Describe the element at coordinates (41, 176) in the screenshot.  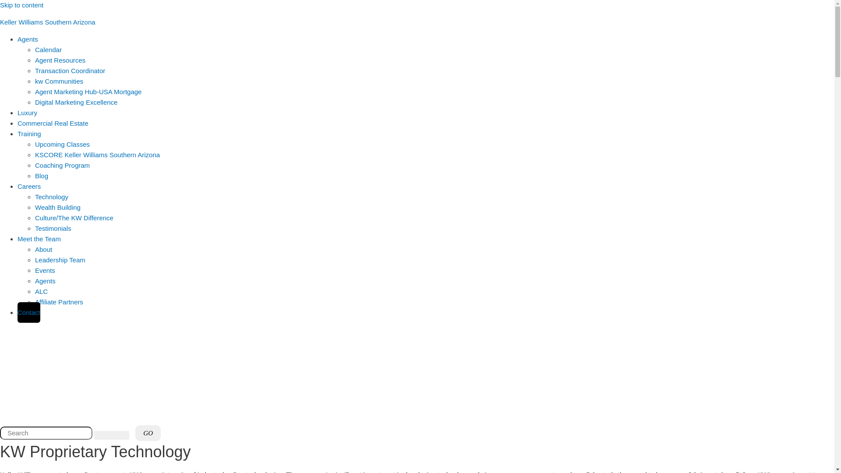
I see `'Blog'` at that location.